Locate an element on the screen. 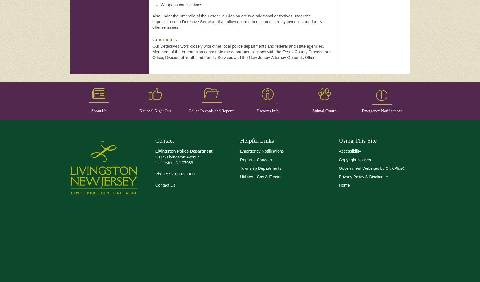 Image resolution: width=480 pixels, height=282 pixels. 'Government Websites by CivicPlus®' is located at coordinates (372, 168).